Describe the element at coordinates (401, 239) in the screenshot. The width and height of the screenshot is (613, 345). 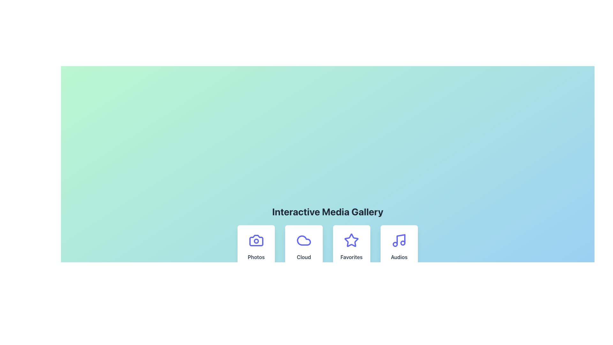
I see `the 'Audios' icon, which features a musical note graphic, located at the bottom right section of the interface` at that location.